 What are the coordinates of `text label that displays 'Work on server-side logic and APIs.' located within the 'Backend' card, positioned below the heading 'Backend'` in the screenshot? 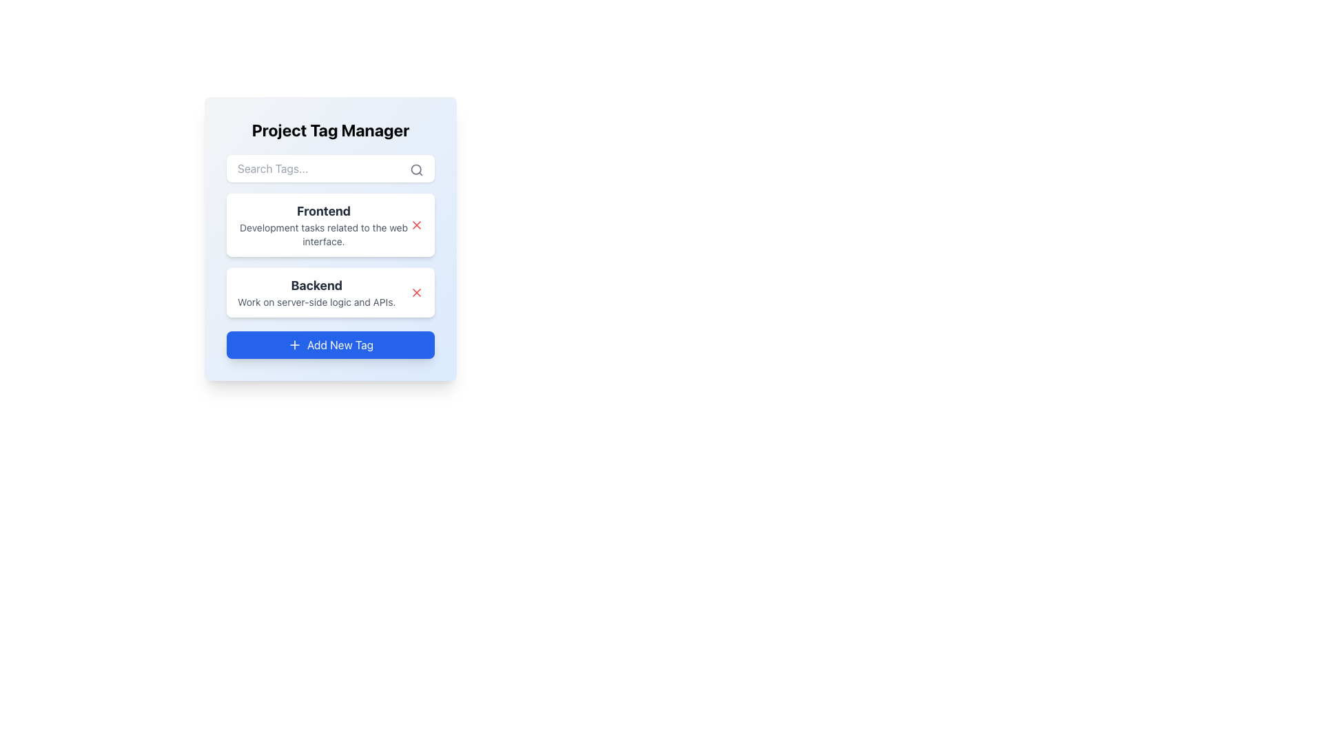 It's located at (316, 302).